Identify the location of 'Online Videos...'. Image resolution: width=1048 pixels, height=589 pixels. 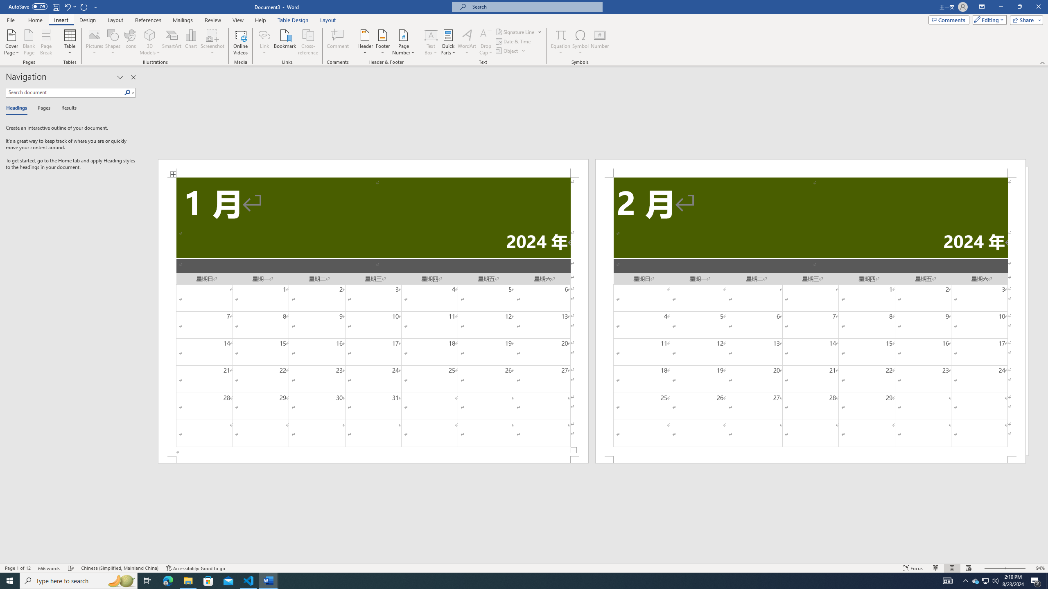
(240, 42).